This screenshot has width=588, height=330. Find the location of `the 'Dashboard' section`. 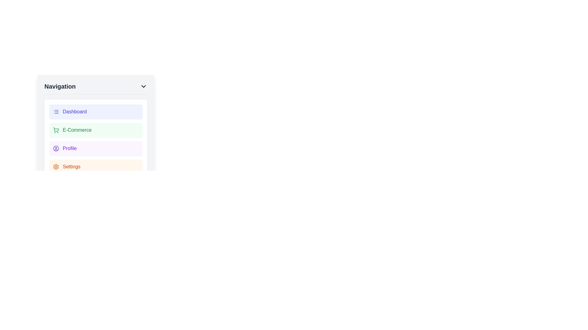

the 'Dashboard' section is located at coordinates (74, 112).